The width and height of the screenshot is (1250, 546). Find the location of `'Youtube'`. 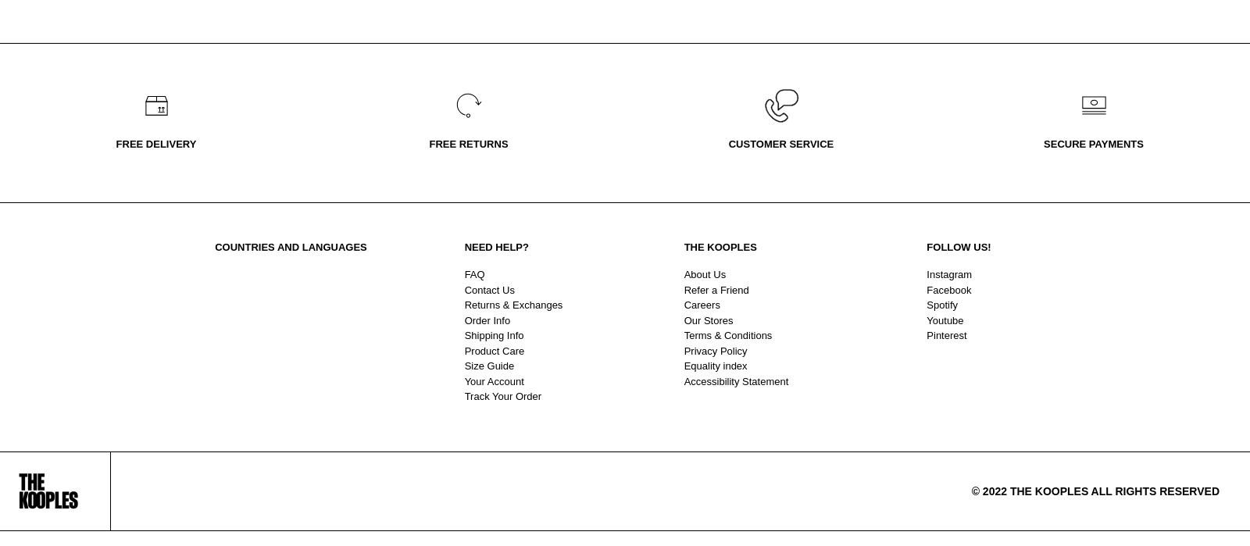

'Youtube' is located at coordinates (944, 319).